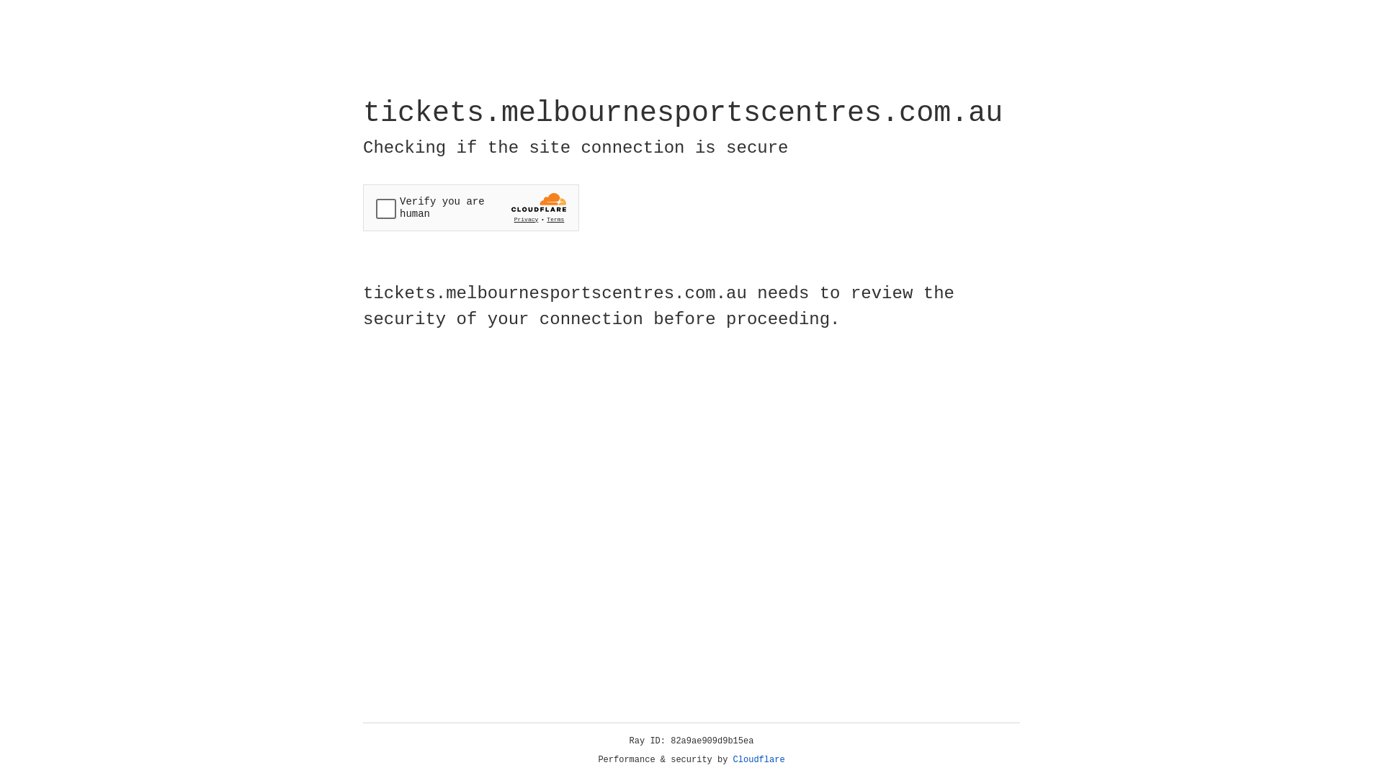 The width and height of the screenshot is (1383, 778). Describe the element at coordinates (470, 207) in the screenshot. I see `'Widget containing a Cloudflare security challenge'` at that location.